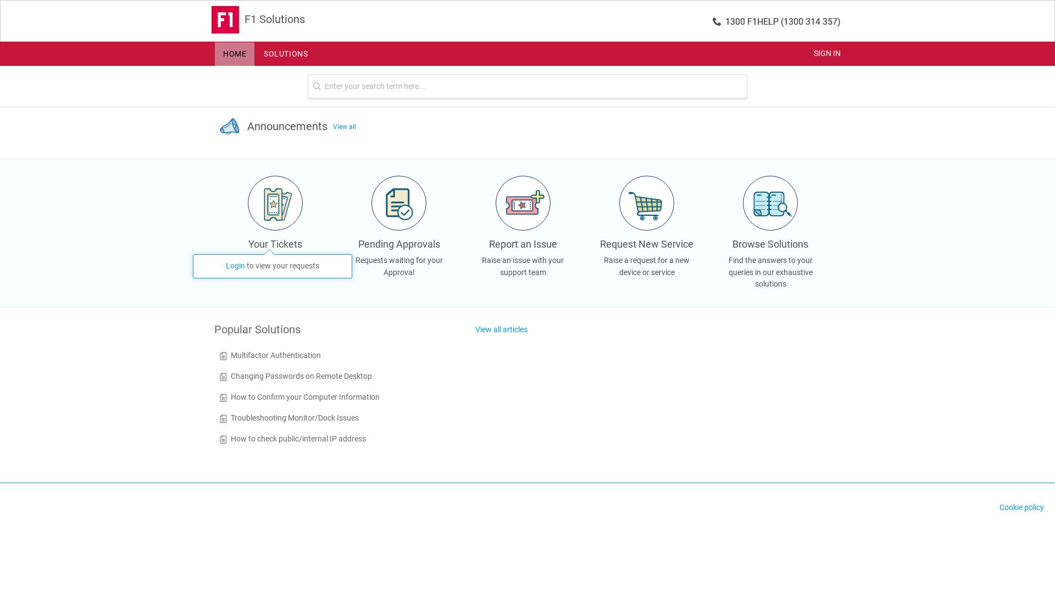 This screenshot has height=593, width=1055. I want to click on 'Troubleshooting Monitor/Dock Issues', so click(295, 417).